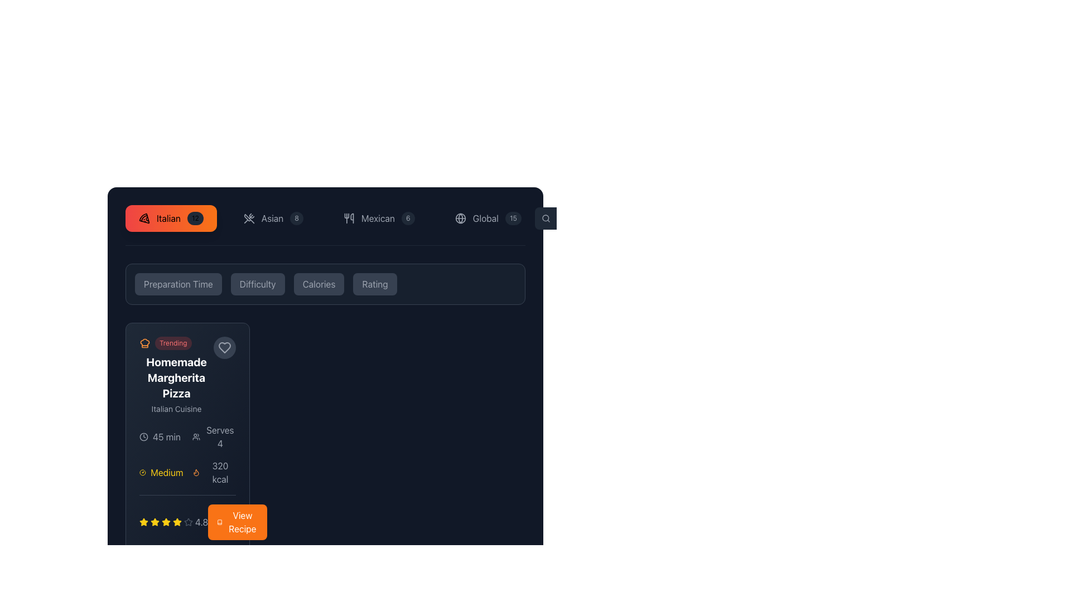  What do you see at coordinates (188, 522) in the screenshot?
I see `the unselected SVG Icon (Star) representing a rating in the bottom-left section of the recipe card` at bounding box center [188, 522].